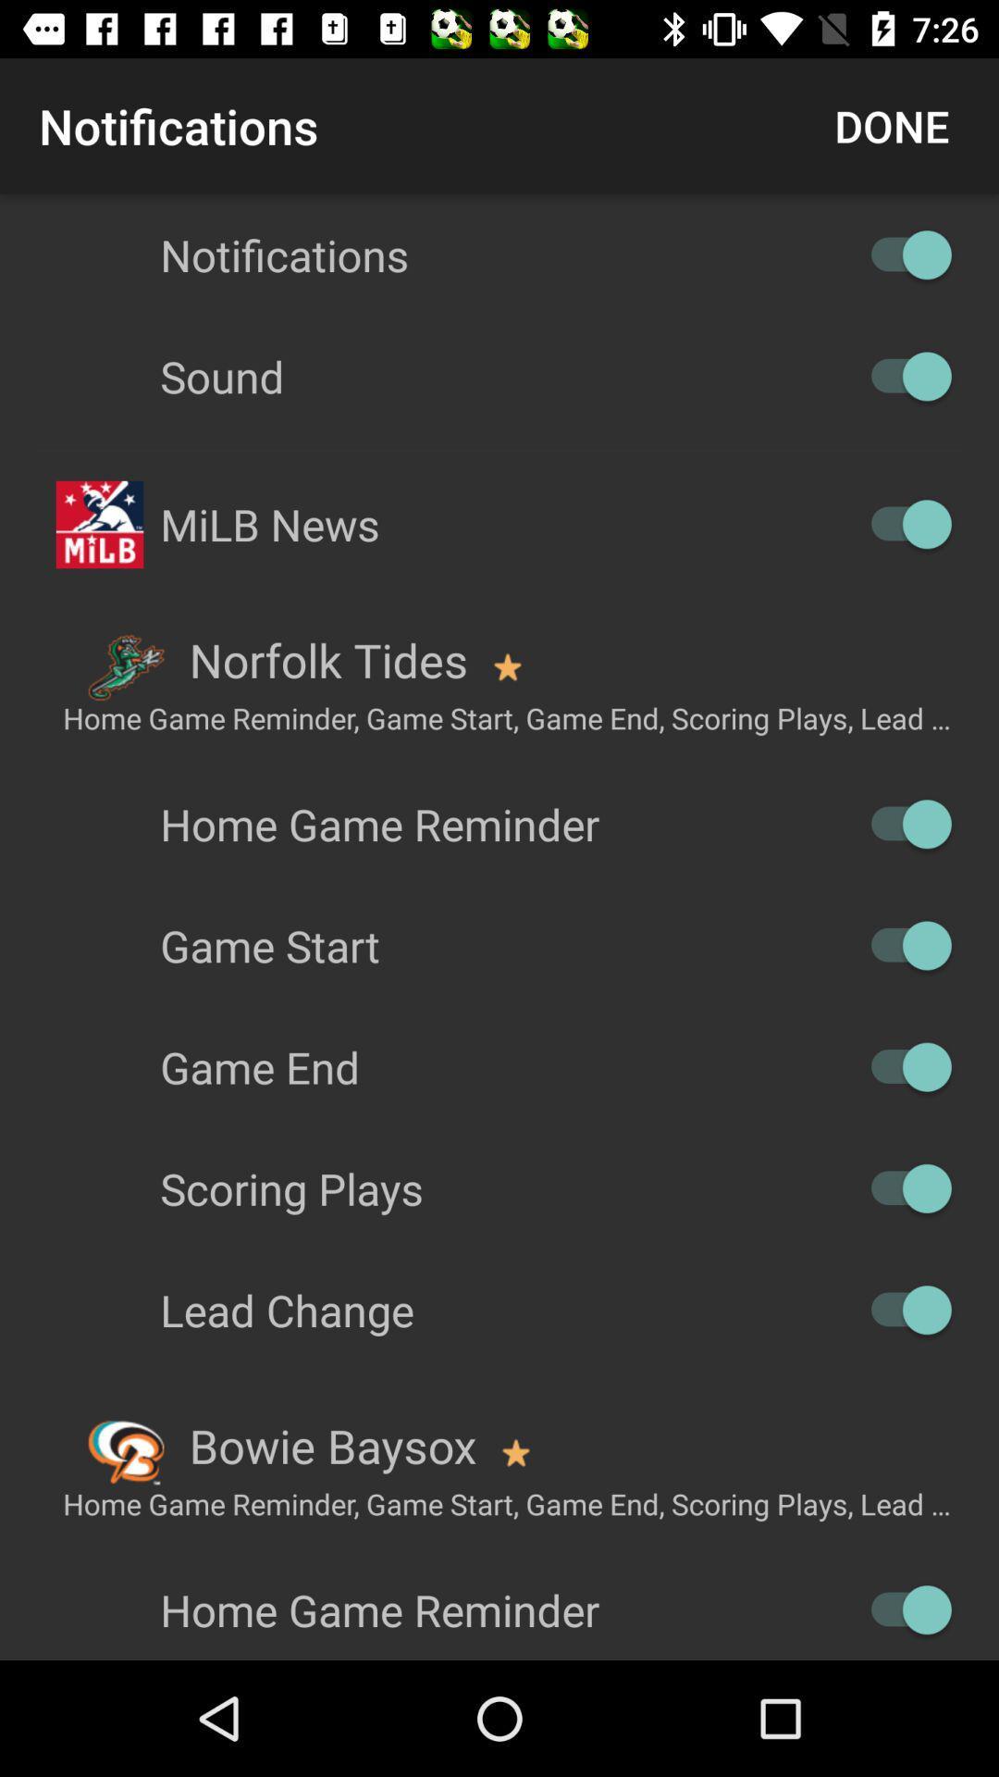 This screenshot has width=999, height=1777. What do you see at coordinates (901, 823) in the screenshot?
I see `activate home game reminder` at bounding box center [901, 823].